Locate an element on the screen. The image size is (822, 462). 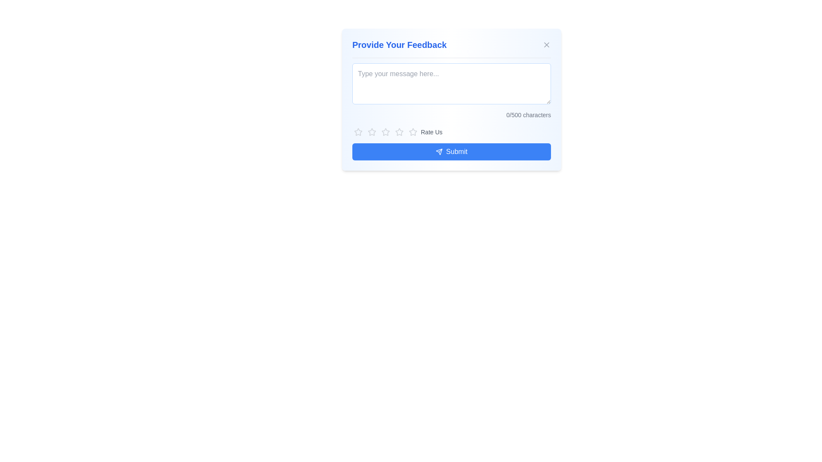
the fourth star icon from the left in the rating section is located at coordinates (413, 132).